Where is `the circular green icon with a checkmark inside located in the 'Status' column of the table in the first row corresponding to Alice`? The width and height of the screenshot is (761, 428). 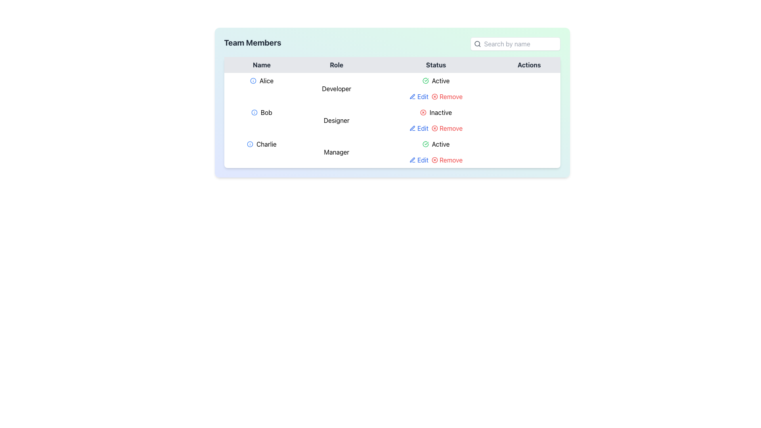 the circular green icon with a checkmark inside located in the 'Status' column of the table in the first row corresponding to Alice is located at coordinates (425, 81).